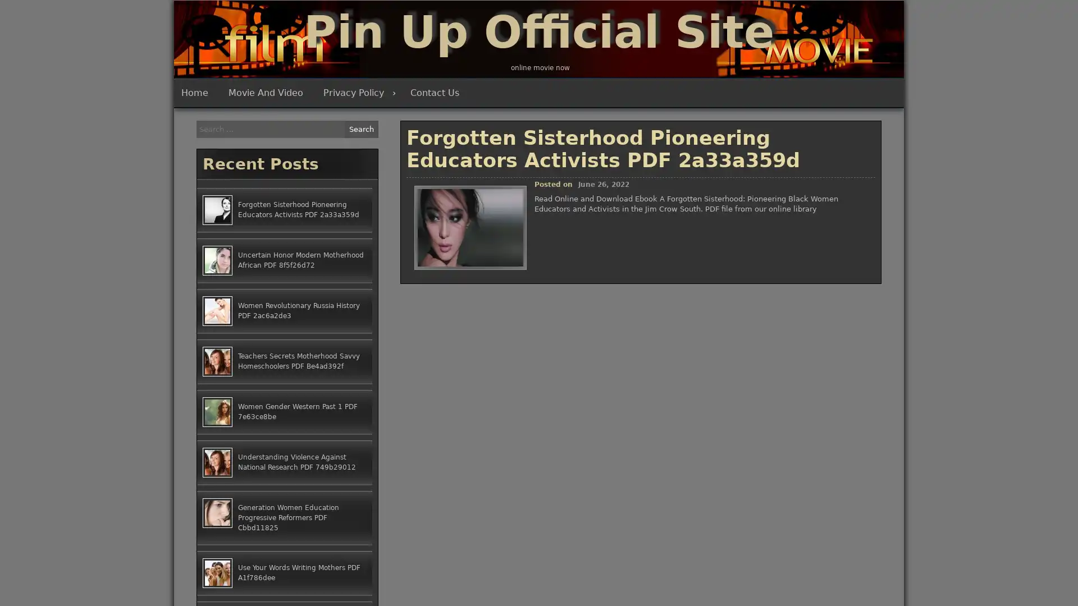 The width and height of the screenshot is (1078, 606). Describe the element at coordinates (361, 128) in the screenshot. I see `Search` at that location.